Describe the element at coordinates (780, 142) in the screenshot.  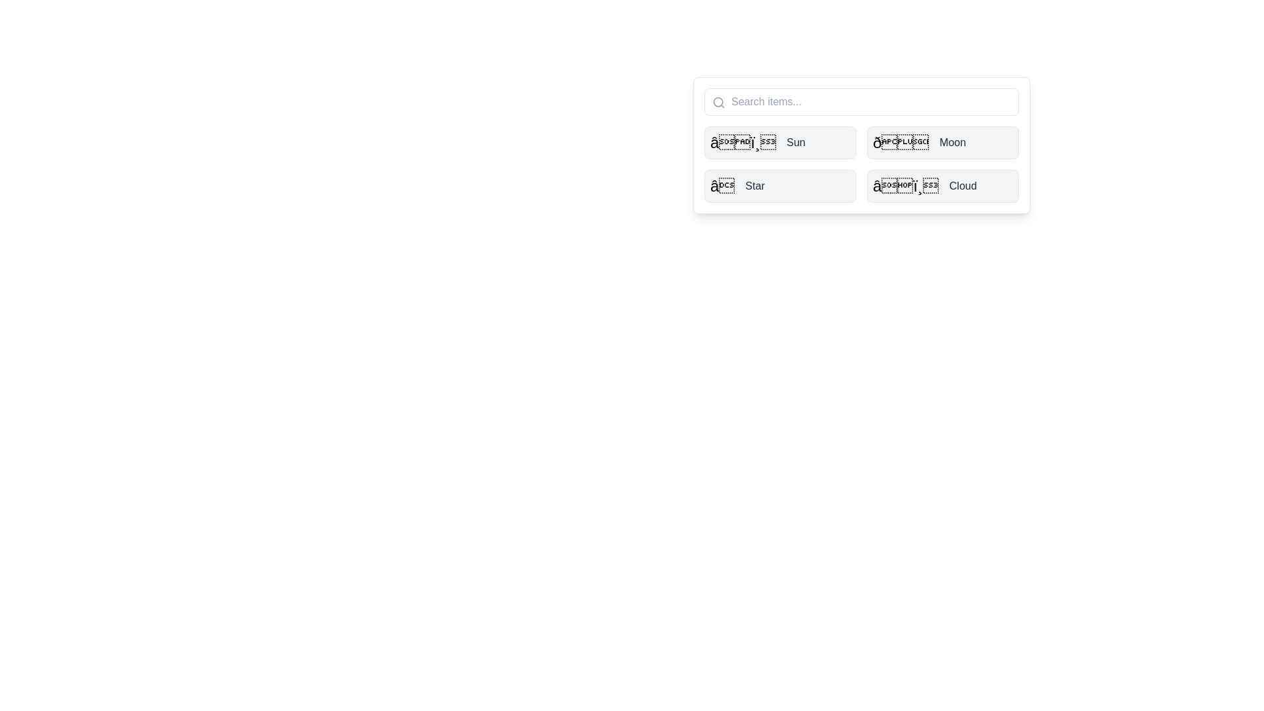
I see `the 'Sun' button, which is a rounded rectangle with a light gray background and a sun icon on the left` at that location.